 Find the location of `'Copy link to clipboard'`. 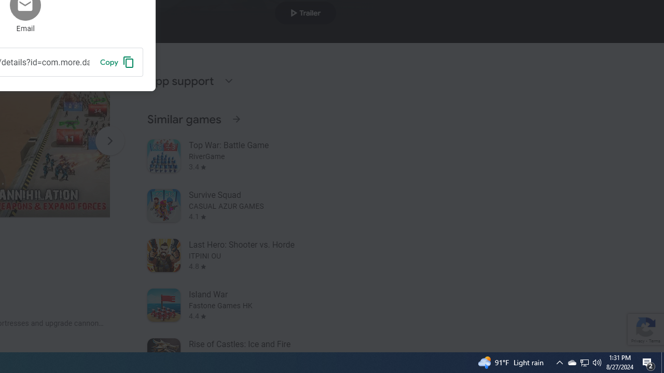

'Copy link to clipboard' is located at coordinates (117, 62).